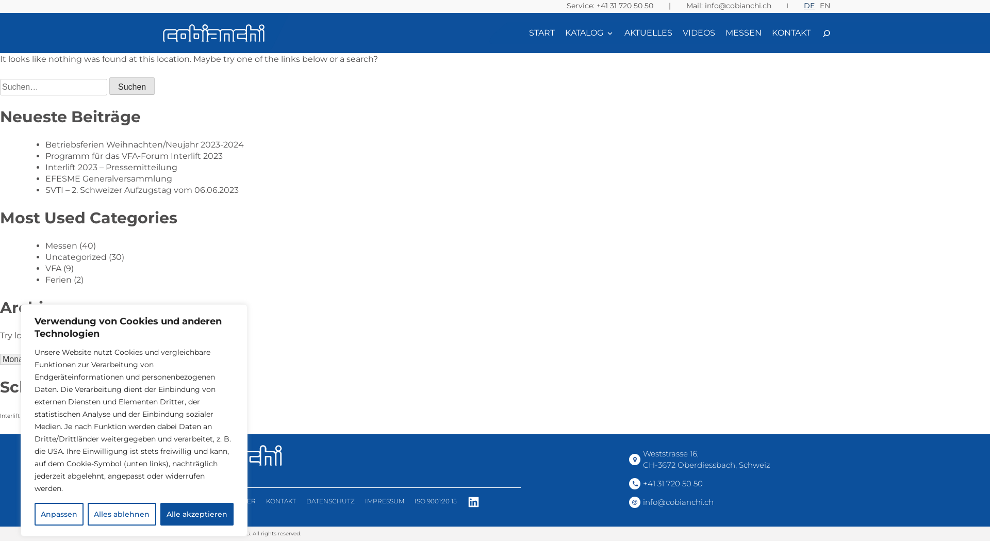 The image size is (990, 557). What do you see at coordinates (683, 32) in the screenshot?
I see `'VIDEOS'` at bounding box center [683, 32].